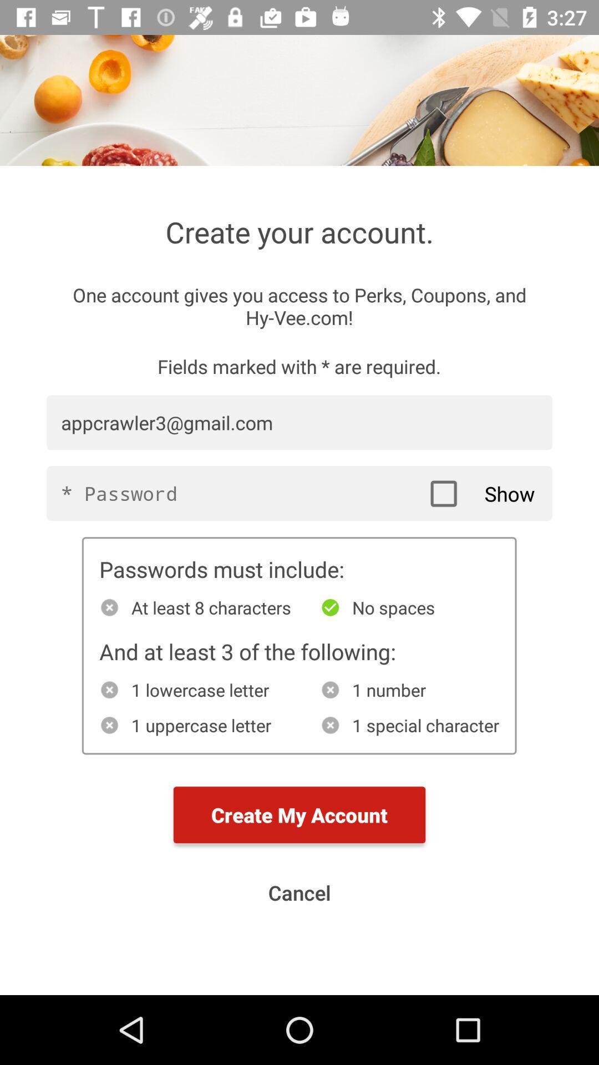  What do you see at coordinates (299, 493) in the screenshot?
I see `the password box` at bounding box center [299, 493].